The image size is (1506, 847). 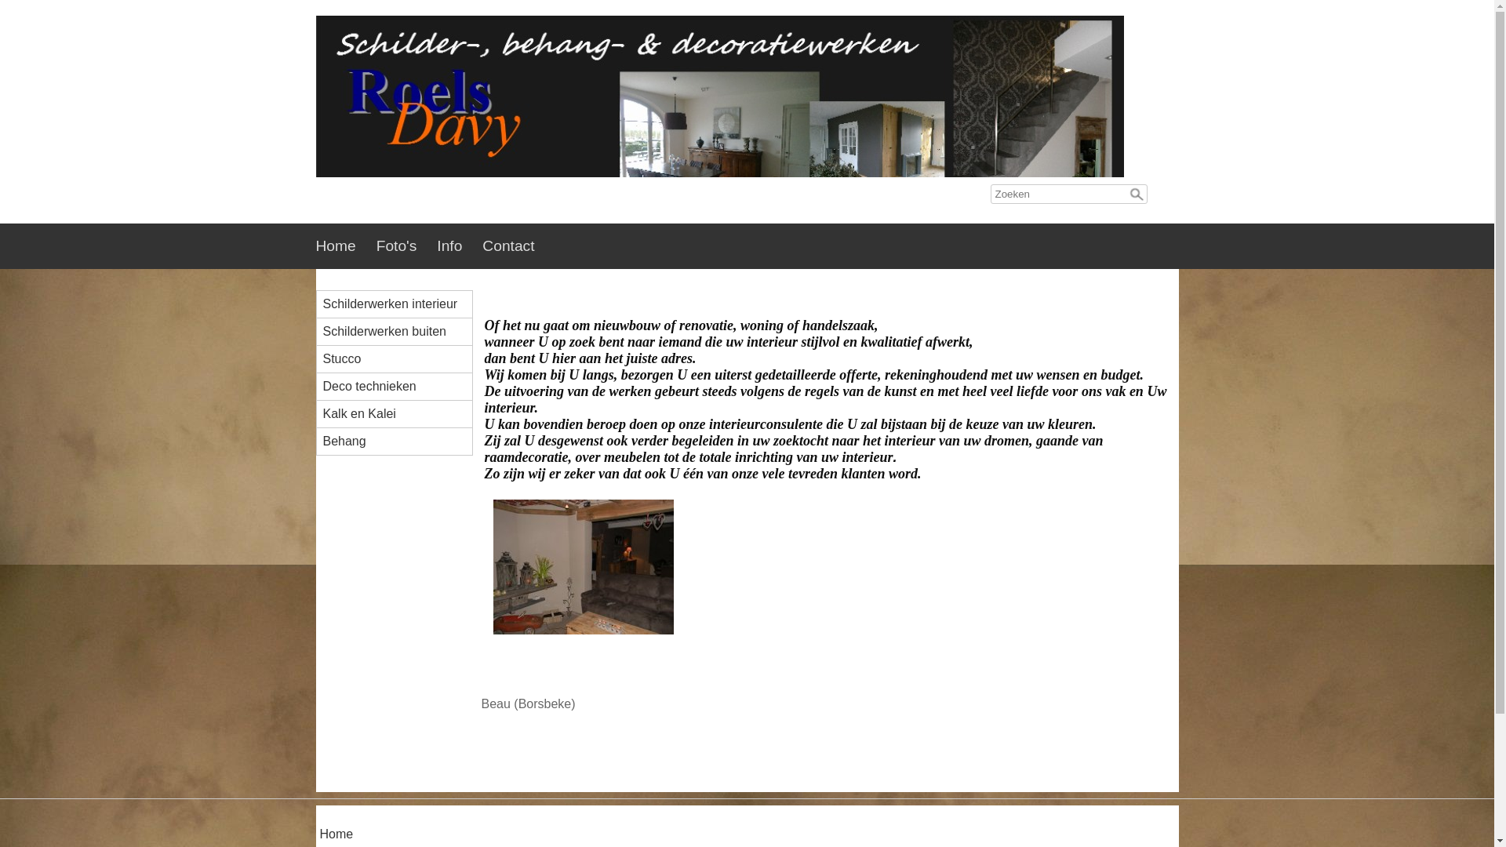 I want to click on 'Deco technieken', so click(x=400, y=387).